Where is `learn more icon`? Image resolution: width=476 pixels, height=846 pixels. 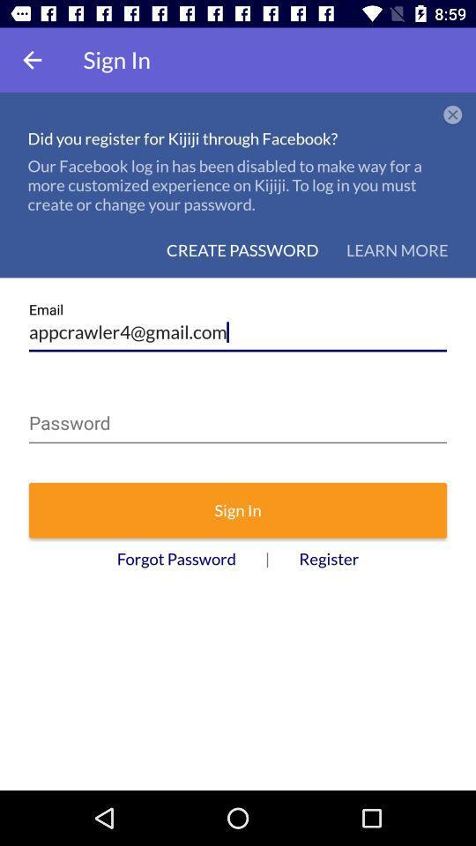
learn more icon is located at coordinates (397, 249).